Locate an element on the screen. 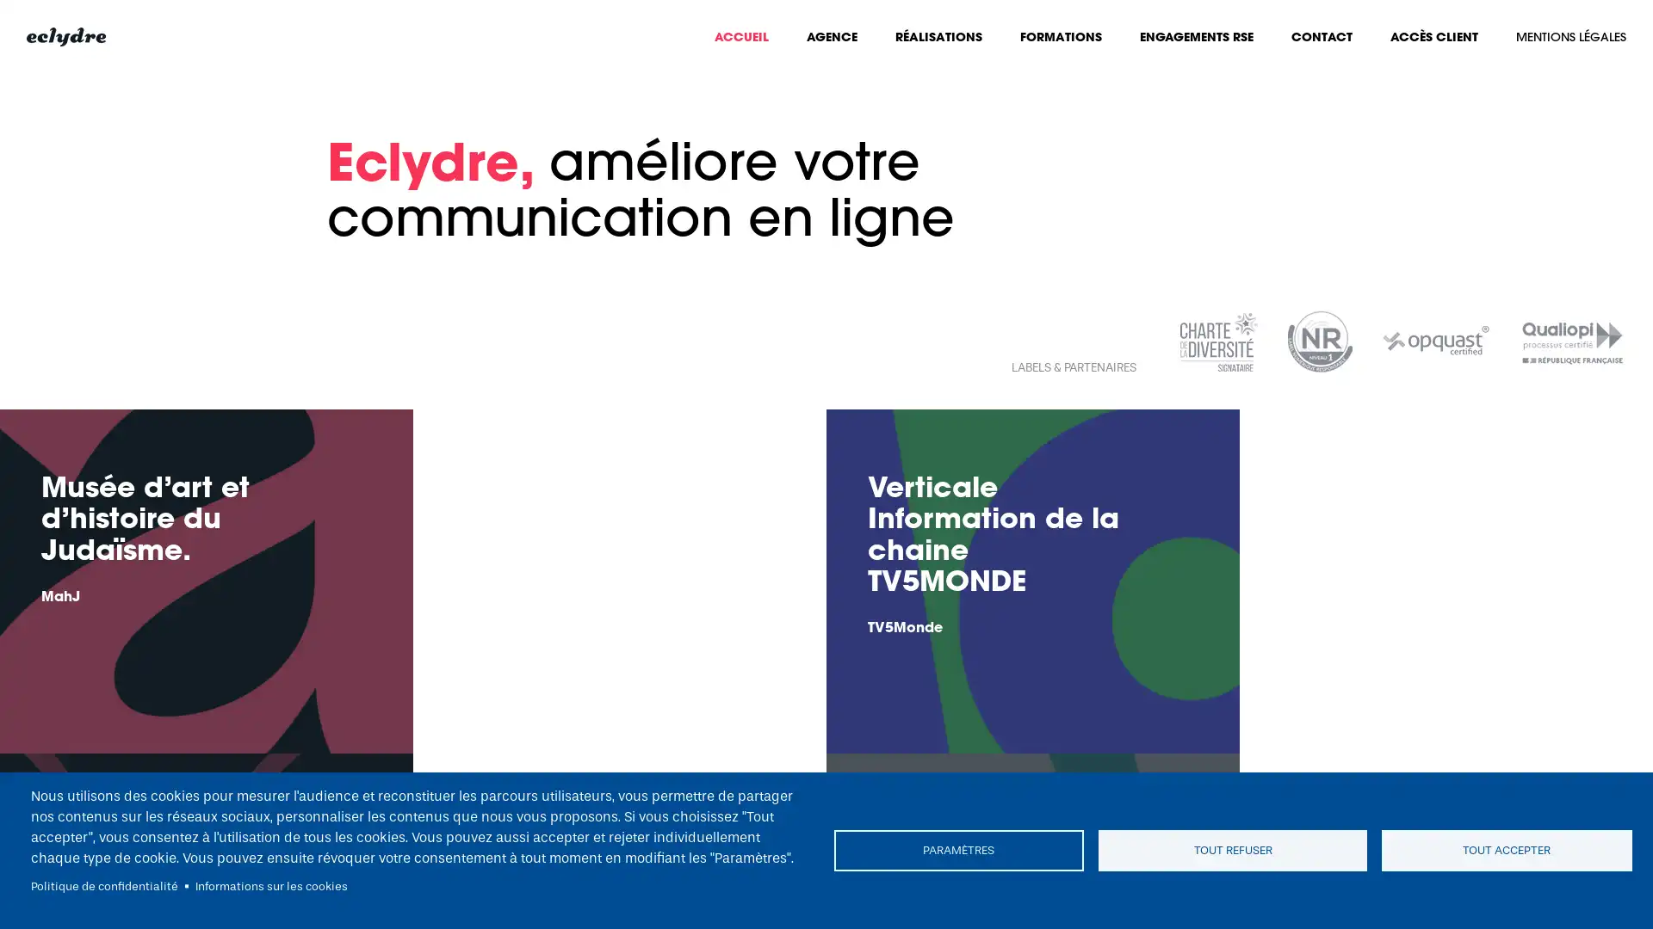  TOUT ACCEPTER is located at coordinates (1502, 849).